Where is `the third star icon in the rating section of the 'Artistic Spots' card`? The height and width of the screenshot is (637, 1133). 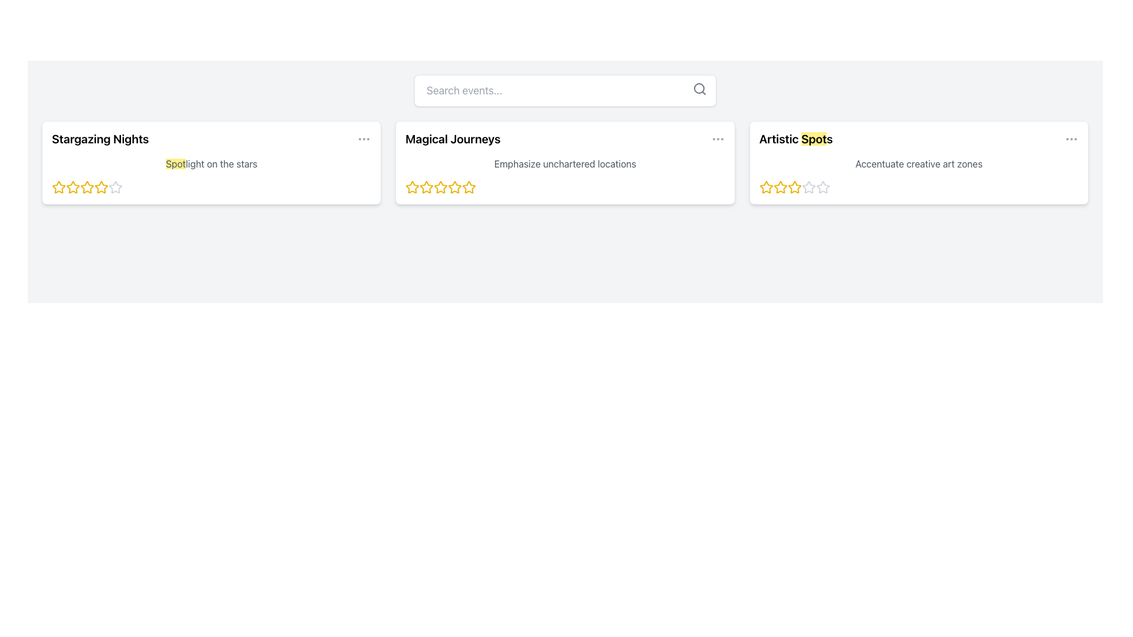
the third star icon in the rating section of the 'Artistic Spots' card is located at coordinates (808, 186).